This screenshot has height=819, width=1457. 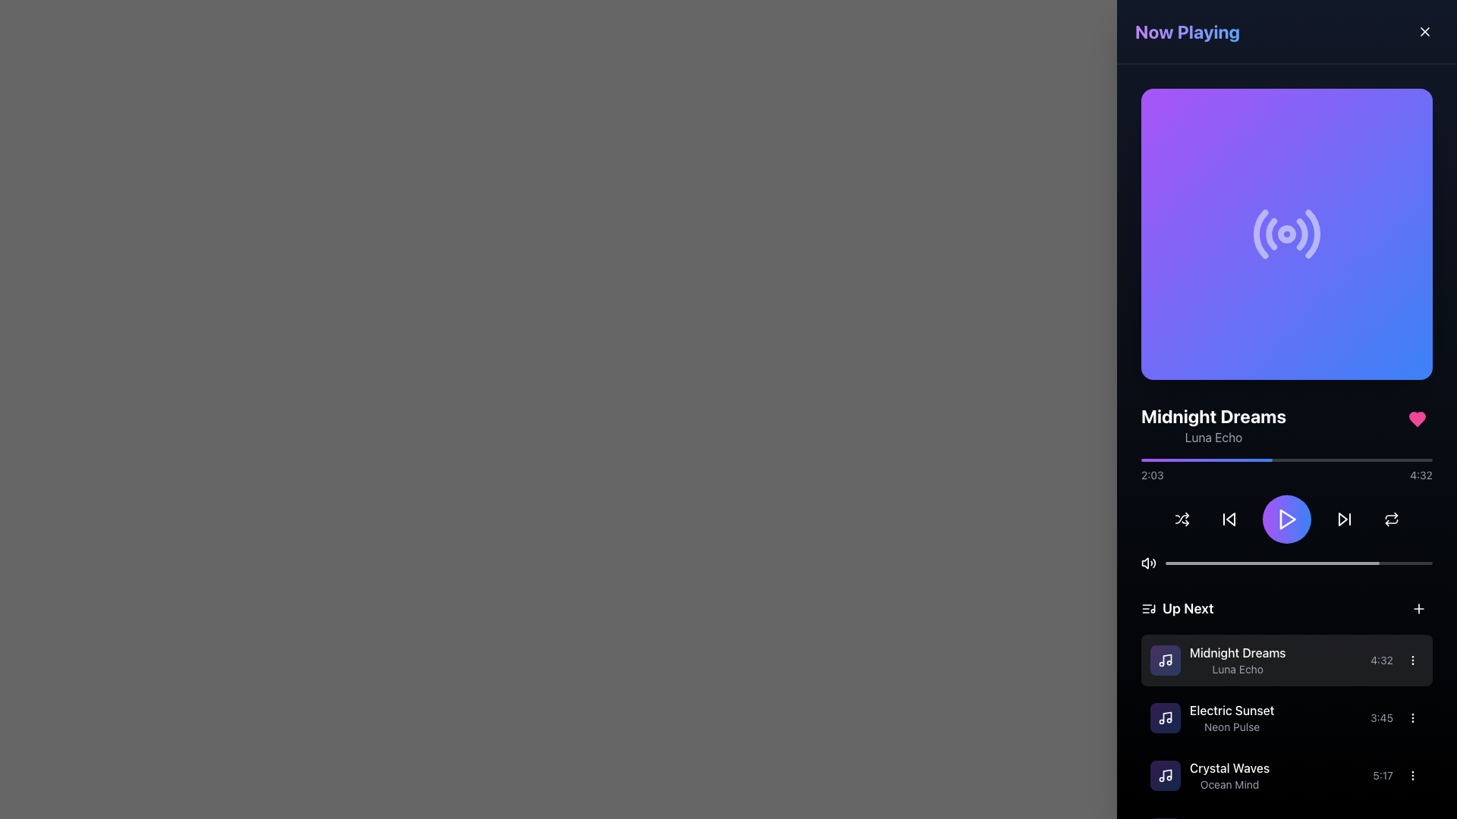 I want to click on the square music icon with a gradient background and a musical note at its center, located to the left of the song title 'Crystal Waves' and artist 'Ocean Mind' in the 'Up Next' playlist, so click(x=1165, y=775).